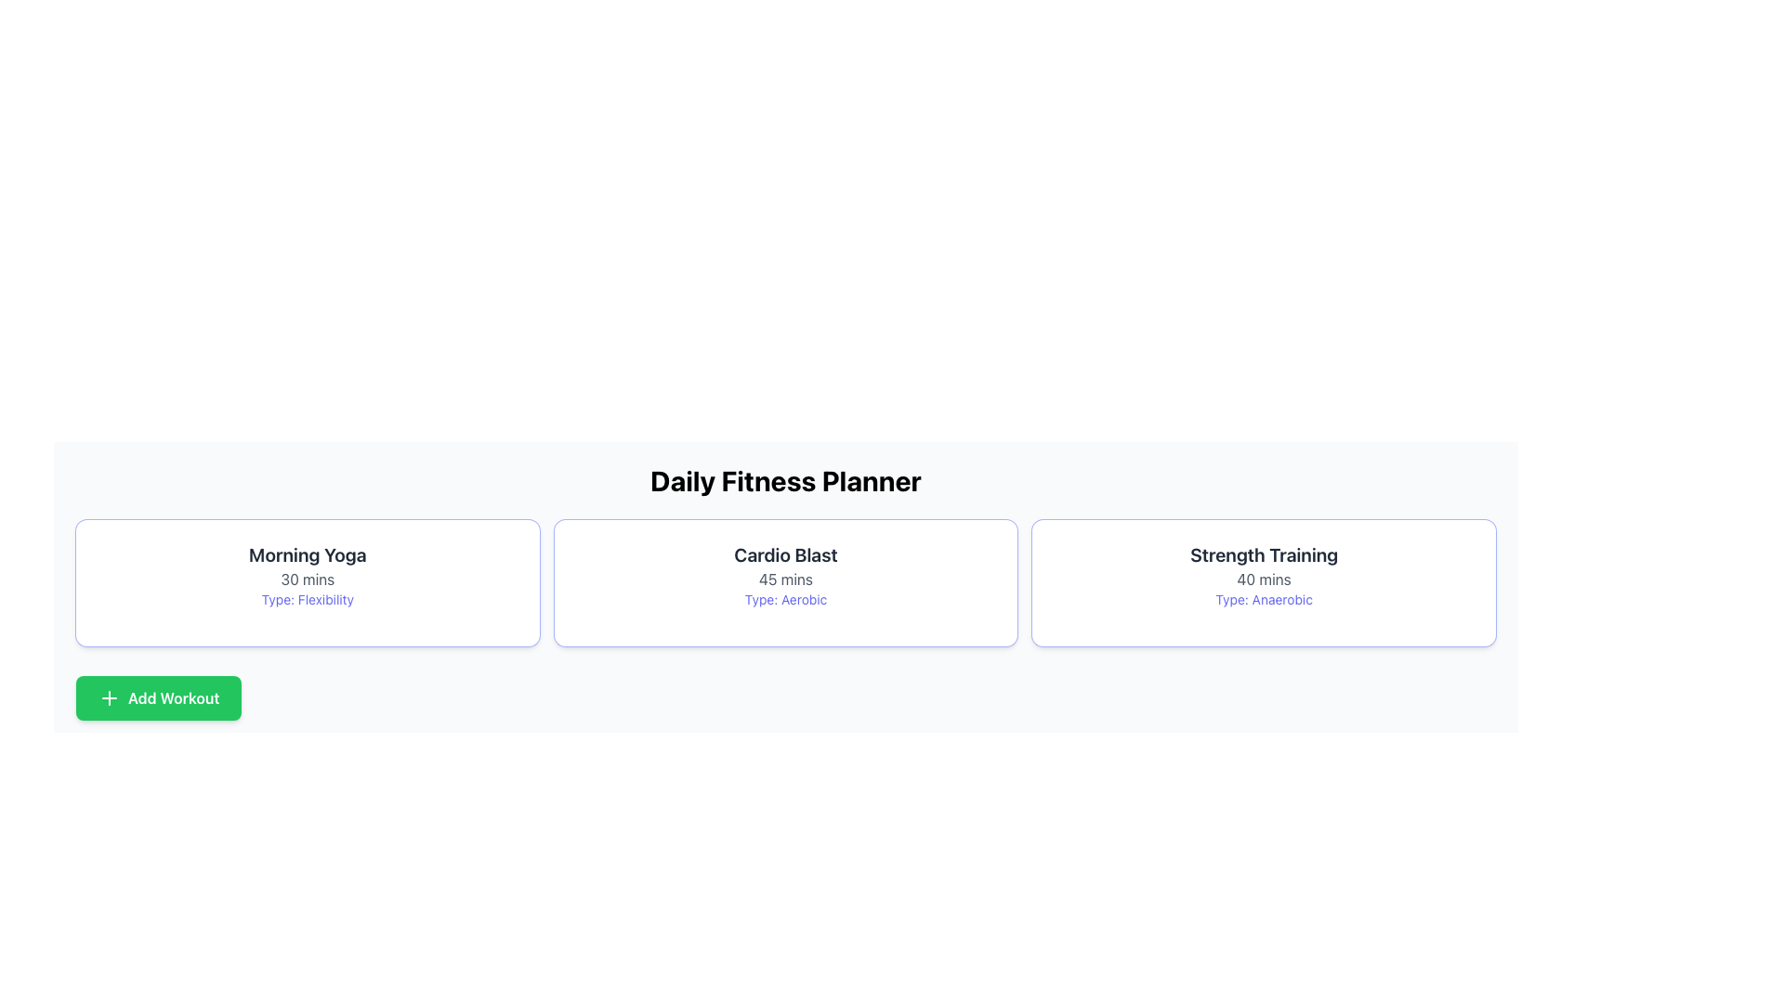 This screenshot has height=1003, width=1784. I want to click on the 'Add Workout' button with a green background and white text, so click(159, 698).